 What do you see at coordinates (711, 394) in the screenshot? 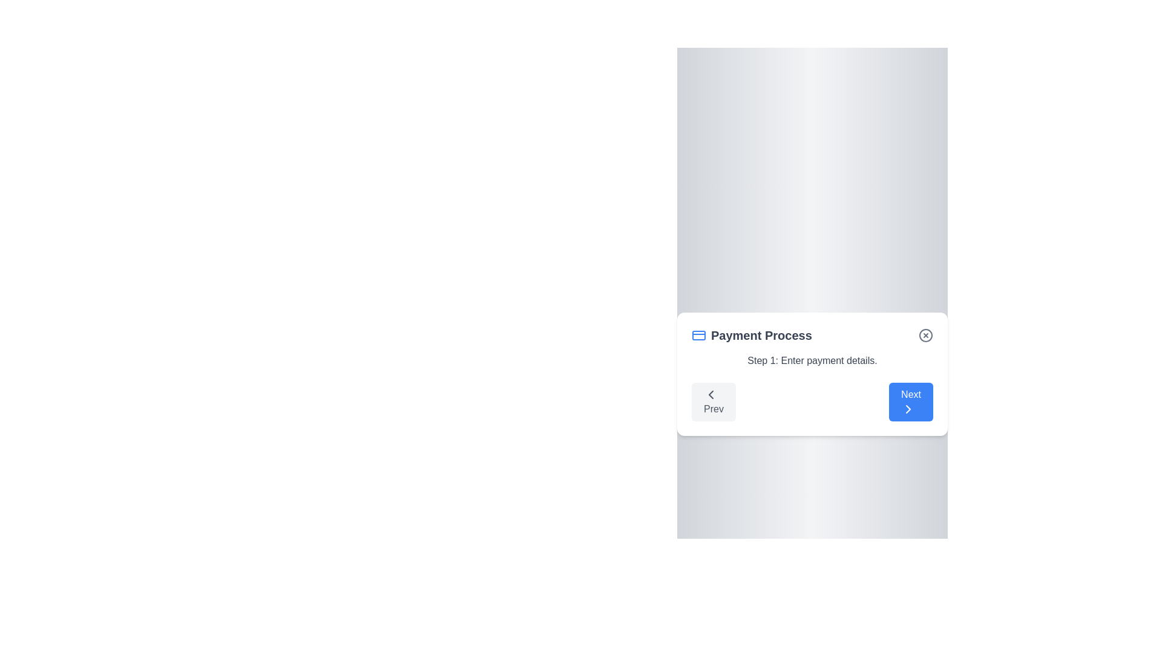
I see `the leftward chevron icon contained within the 'Prev' navigation button located on the left side of the bottom navigation area` at bounding box center [711, 394].